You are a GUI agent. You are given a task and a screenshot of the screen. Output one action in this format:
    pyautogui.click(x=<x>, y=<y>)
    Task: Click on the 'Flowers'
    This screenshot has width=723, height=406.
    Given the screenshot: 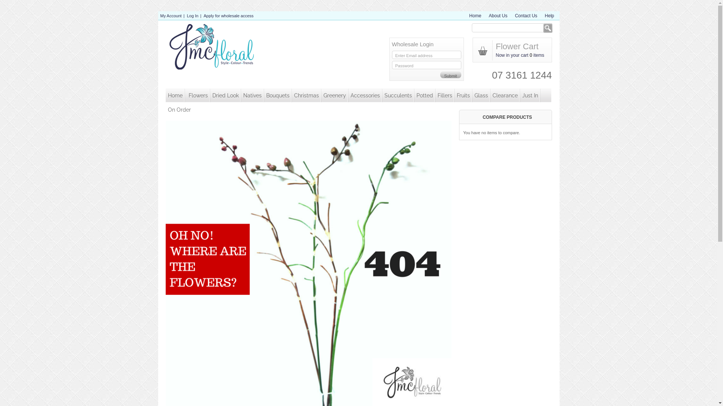 What is the action you would take?
    pyautogui.click(x=198, y=95)
    